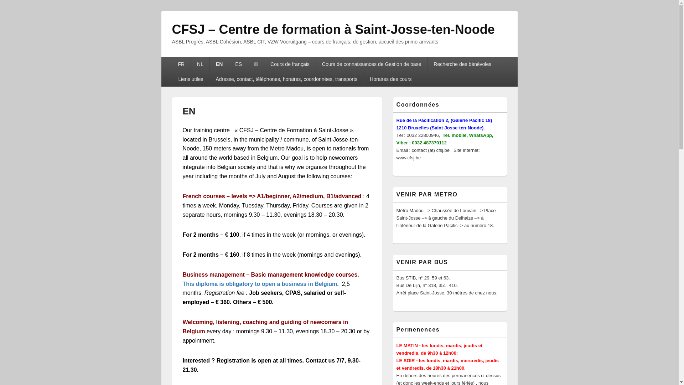  Describe the element at coordinates (440, 127) in the screenshot. I see `'1210 Bruxelles (Saint-Josse-ten-Noode).'` at that location.